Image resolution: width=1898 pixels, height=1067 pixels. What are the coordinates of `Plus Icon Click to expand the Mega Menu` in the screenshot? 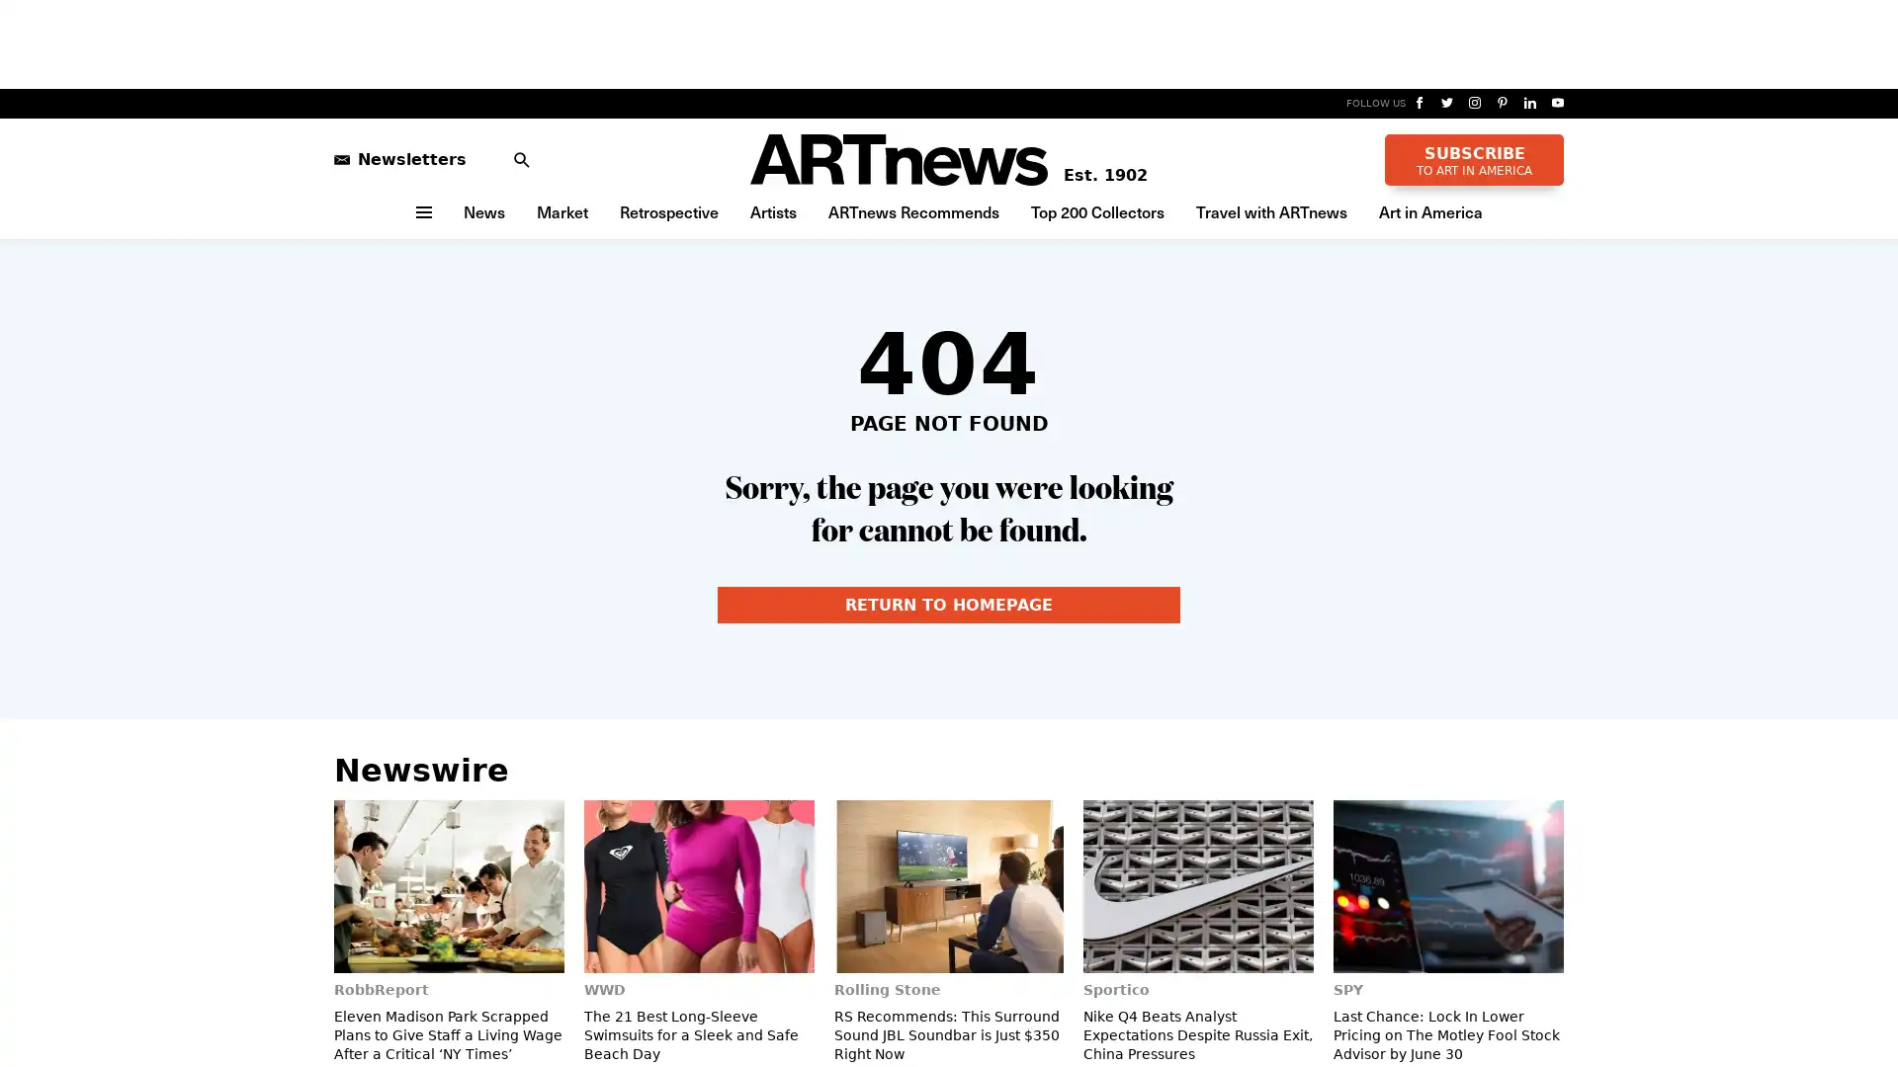 It's located at (421, 210).